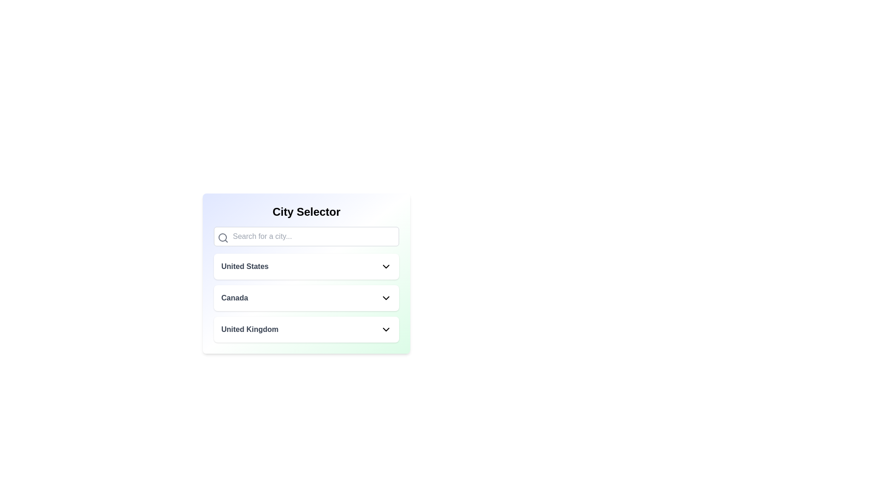 This screenshot has height=500, width=889. What do you see at coordinates (307, 266) in the screenshot?
I see `the Dropdown Selector located below the 'City Selector' search bar` at bounding box center [307, 266].